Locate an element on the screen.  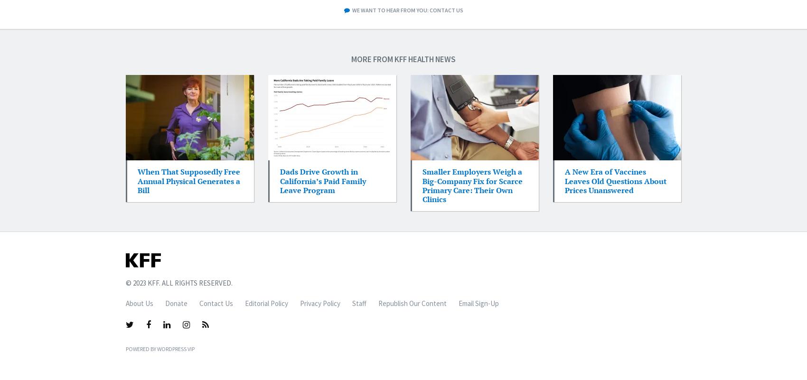
'Staff' is located at coordinates (359, 303).